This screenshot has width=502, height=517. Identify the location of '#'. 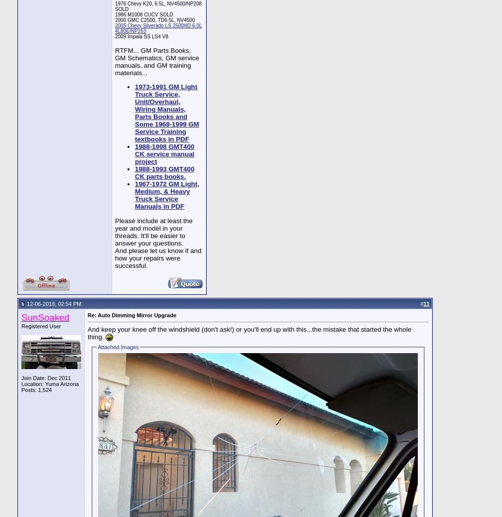
(420, 302).